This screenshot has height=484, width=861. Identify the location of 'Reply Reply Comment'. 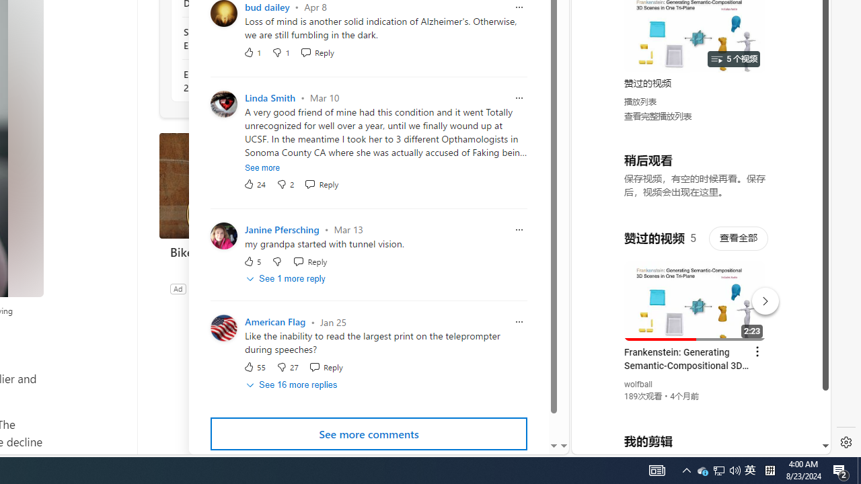
(326, 367).